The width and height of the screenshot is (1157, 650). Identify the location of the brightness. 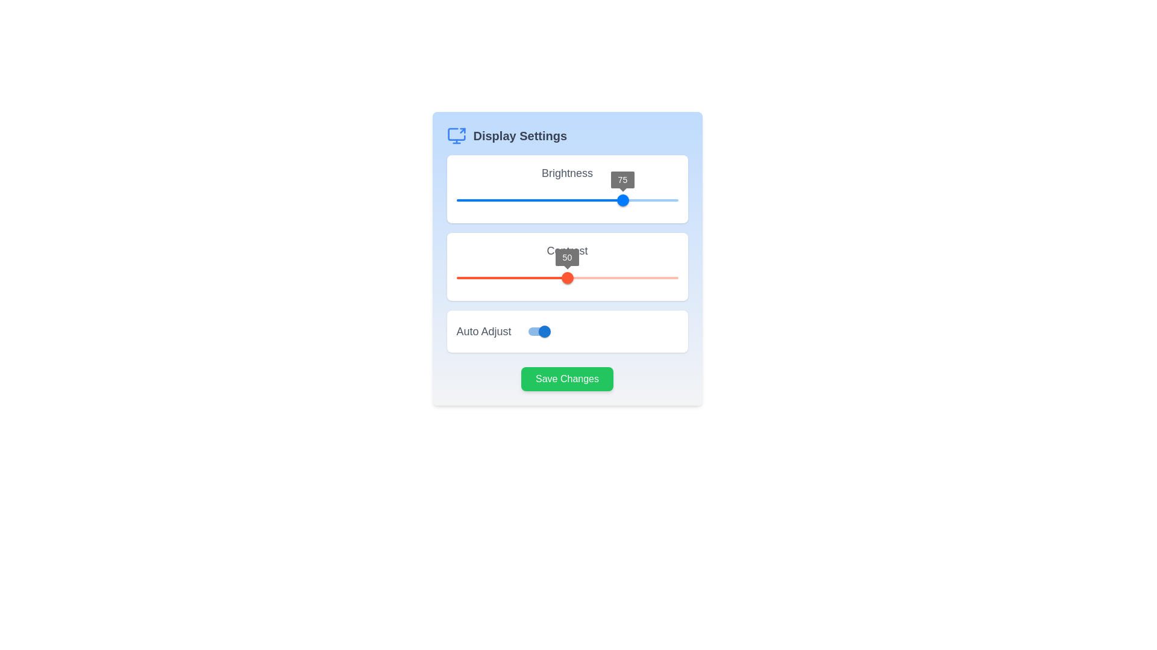
(659, 199).